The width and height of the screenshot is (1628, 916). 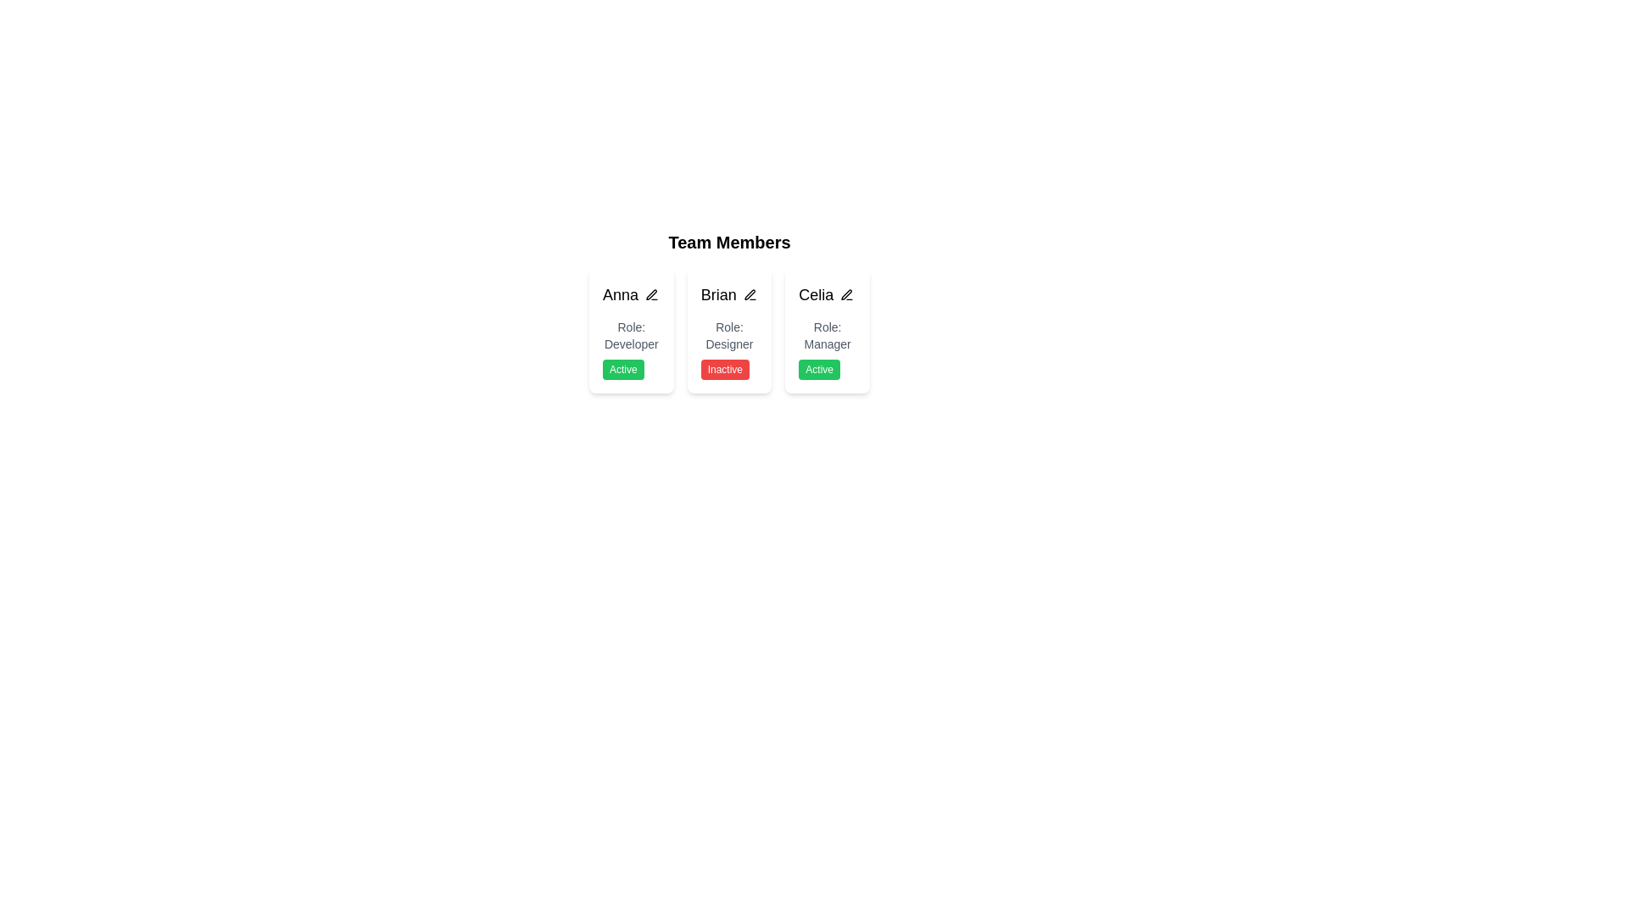 I want to click on the editing icon button located to the right of Celia's name in the Team Members section, so click(x=846, y=293).